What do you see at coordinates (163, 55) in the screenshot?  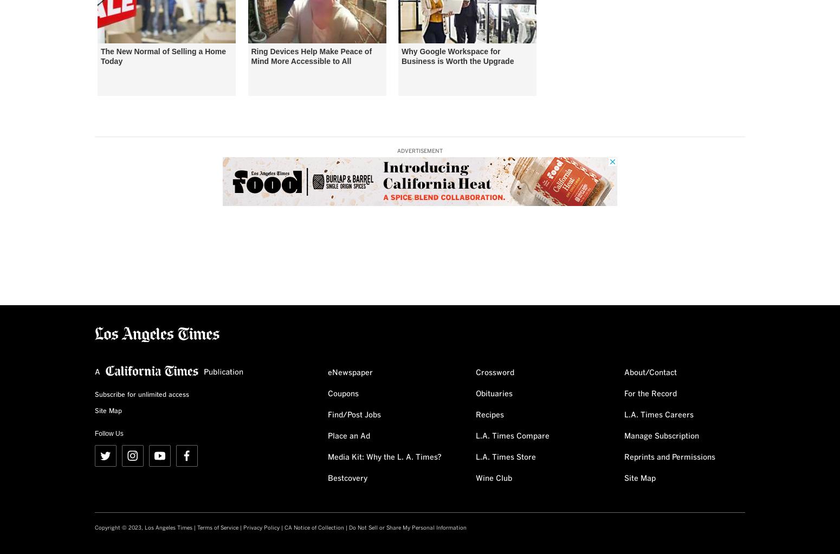 I see `'The New Normal of Selling a Home Today'` at bounding box center [163, 55].